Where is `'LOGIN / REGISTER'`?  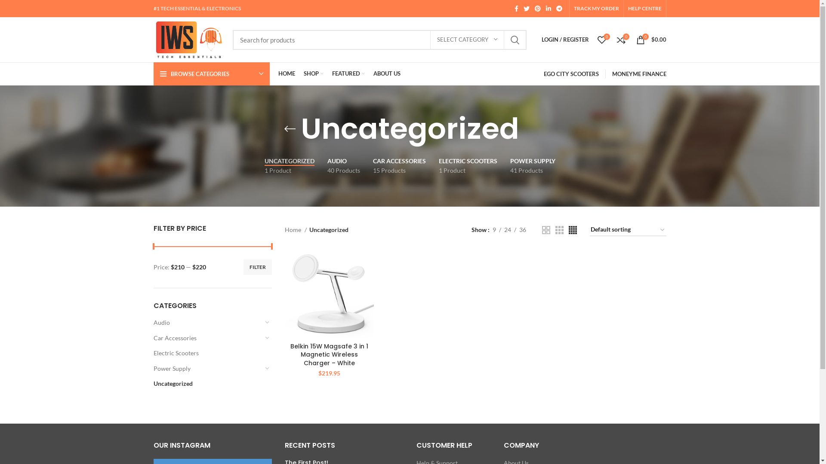
'LOGIN / REGISTER' is located at coordinates (565, 40).